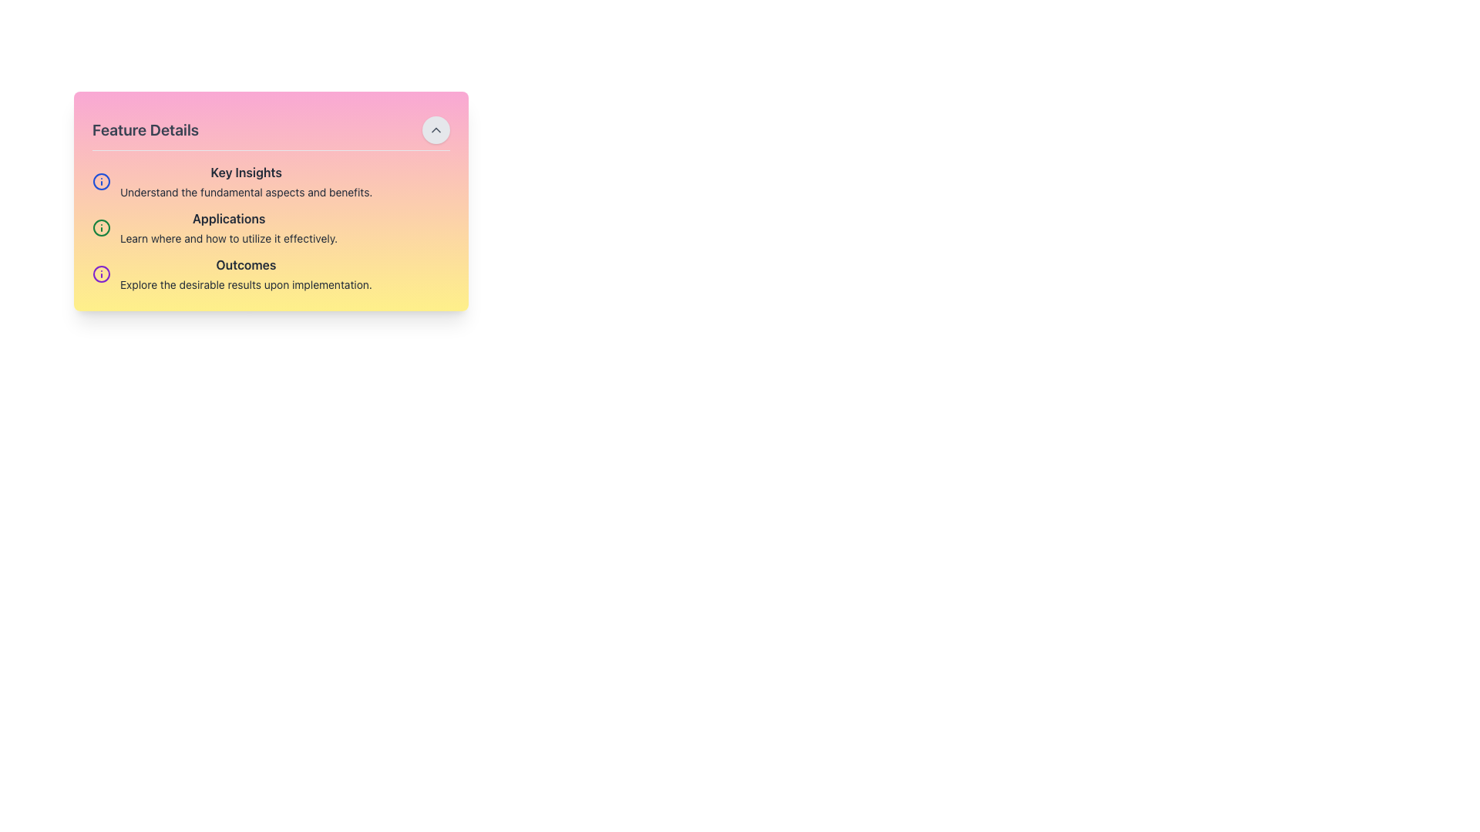  Describe the element at coordinates (245, 285) in the screenshot. I see `line of text that says 'Explore the desirable results upon implementation.' located under the title 'Outcomes' within the card's grouped section` at that location.